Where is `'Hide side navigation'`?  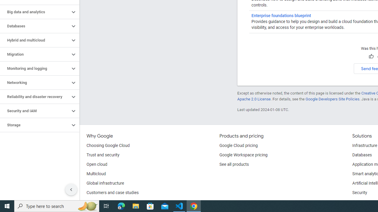 'Hide side navigation' is located at coordinates (71, 190).